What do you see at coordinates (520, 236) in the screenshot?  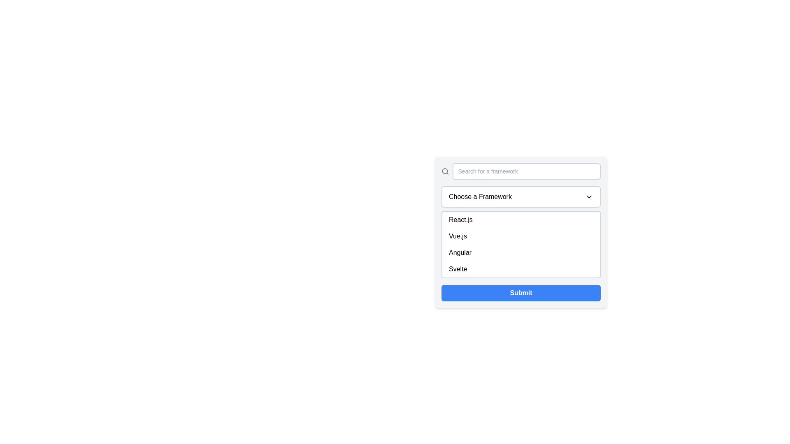 I see `the 'Vue.js' option in the dropdown menu, which is the second item below 'React.js' and above 'Angular'` at bounding box center [520, 236].